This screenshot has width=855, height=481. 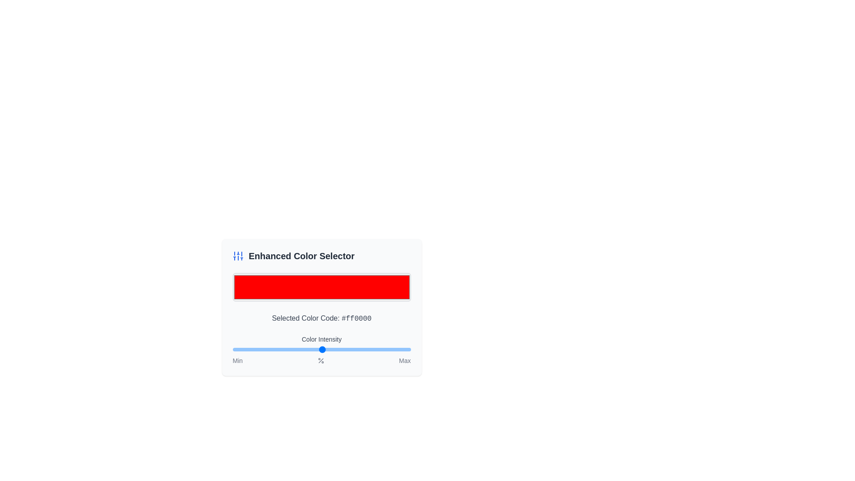 I want to click on the Informative label displaying 'Min' and 'Max' with a centered percentage icon, located at the bottom of the 'Color Intensity' section, so click(x=321, y=361).